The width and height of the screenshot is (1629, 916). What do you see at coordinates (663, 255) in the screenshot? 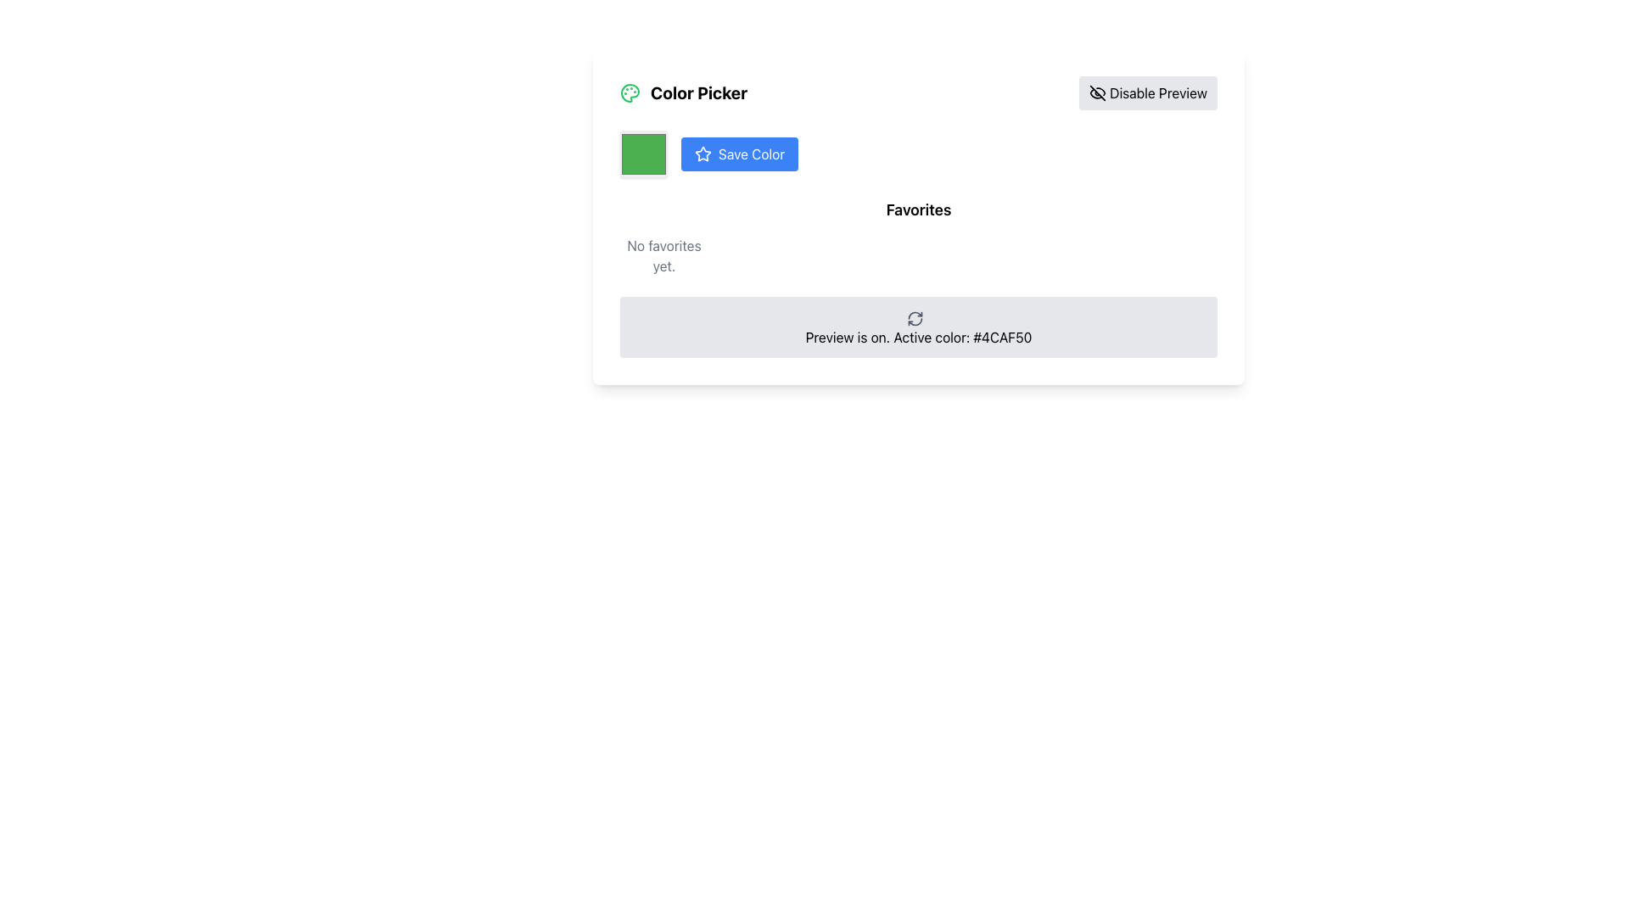
I see `the text label displaying 'No favorites yet.' in light gray font, located in the top left quadrant of its card-like interface` at bounding box center [663, 255].